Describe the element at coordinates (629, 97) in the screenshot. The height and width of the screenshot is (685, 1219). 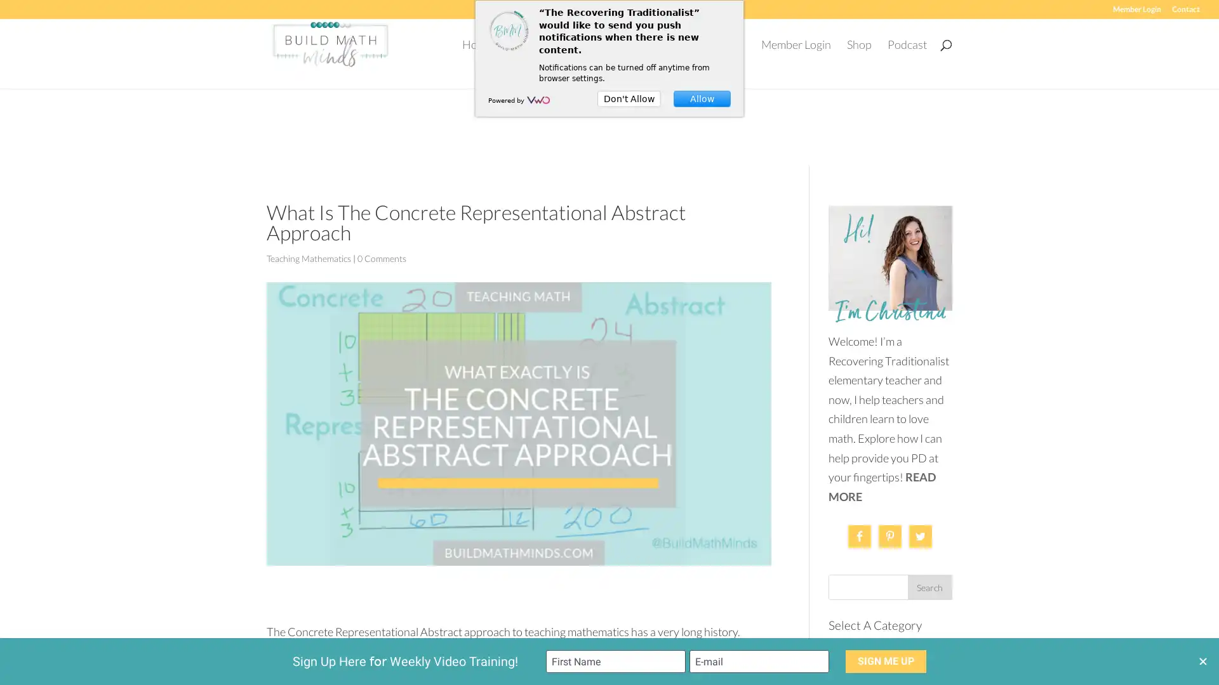
I see `Don't Allow` at that location.